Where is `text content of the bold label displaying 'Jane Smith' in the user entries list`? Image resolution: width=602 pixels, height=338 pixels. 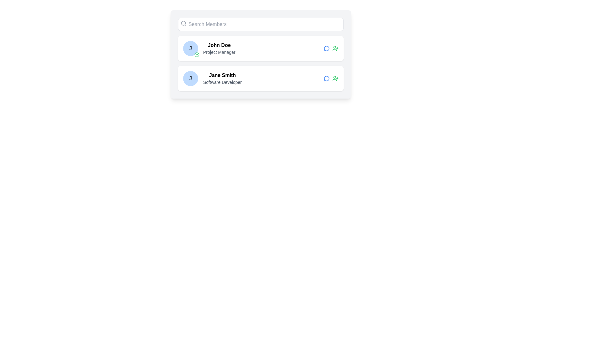 text content of the bold label displaying 'Jane Smith' in the user entries list is located at coordinates (222, 75).